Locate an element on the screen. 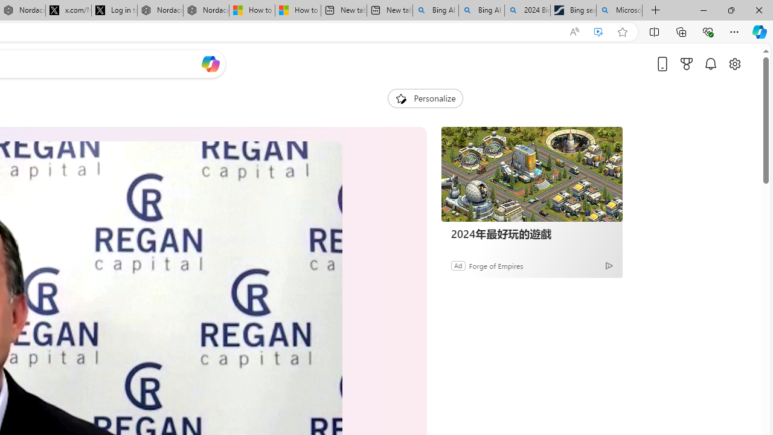  'Personalize' is located at coordinates (425, 98).